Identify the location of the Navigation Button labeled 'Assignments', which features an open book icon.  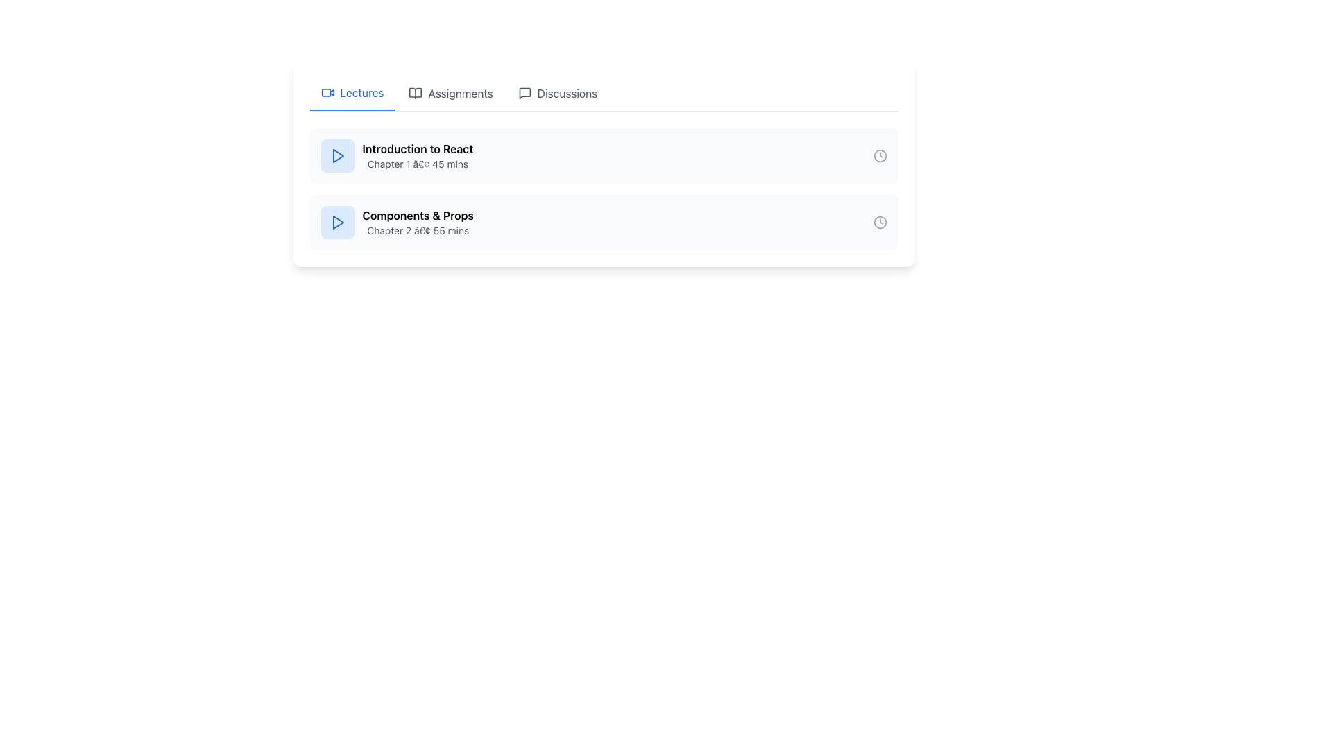
(451, 94).